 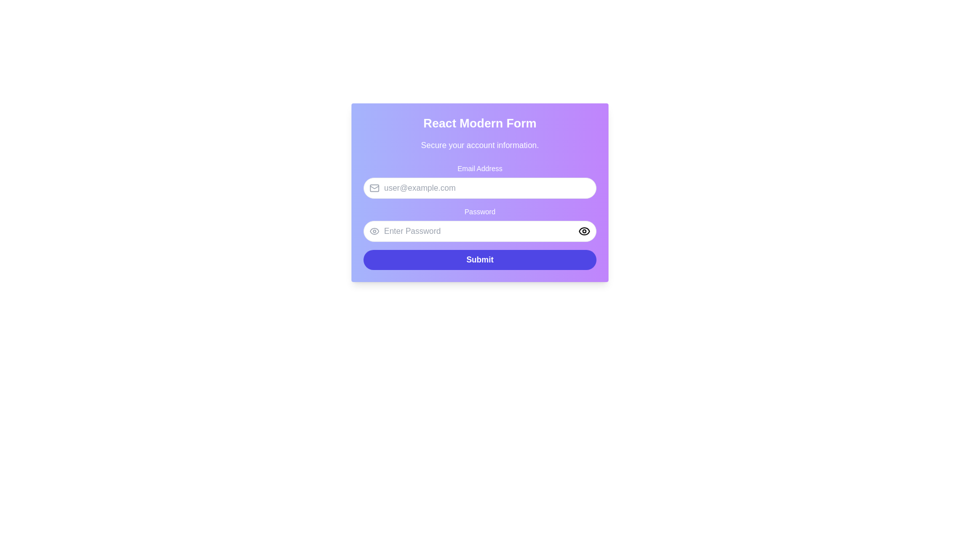 I want to click on the 'Email Address' text input field, so click(x=479, y=181).